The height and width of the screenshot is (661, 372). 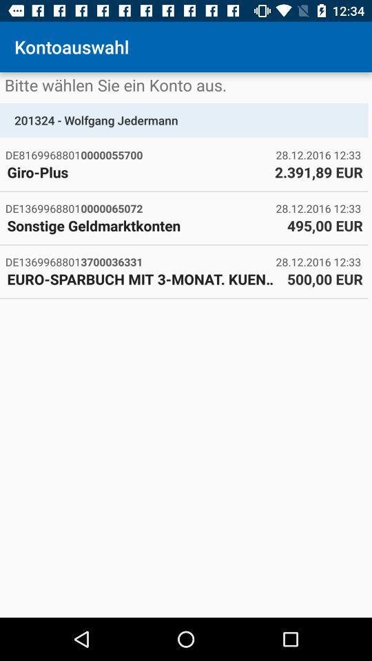 I want to click on the 2 391 89 icon, so click(x=318, y=171).